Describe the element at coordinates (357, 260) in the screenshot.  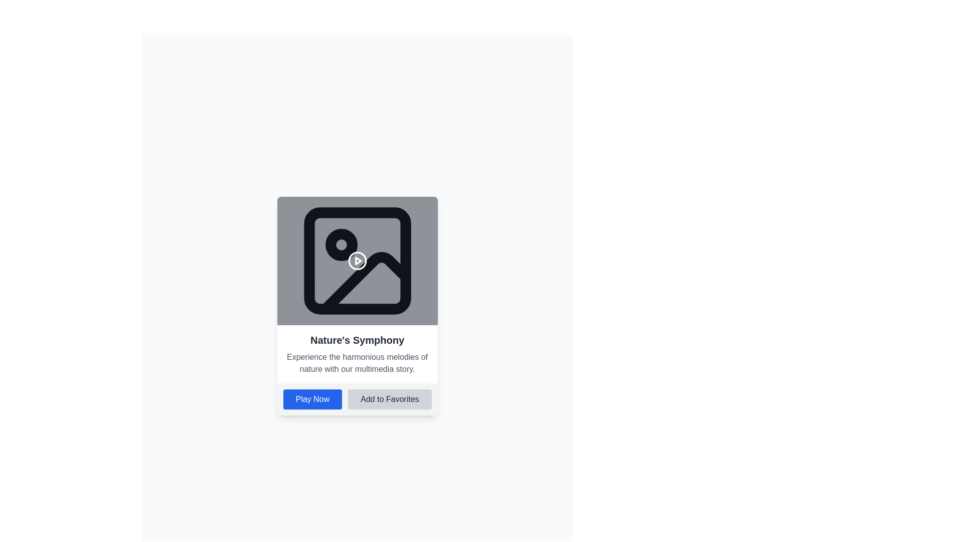
I see `the circular 'play' icon in the multimedia card, which is distinguishable by its dark outline and is located centrally above the 'Play Now' and 'Add to Favorites' buttons` at that location.